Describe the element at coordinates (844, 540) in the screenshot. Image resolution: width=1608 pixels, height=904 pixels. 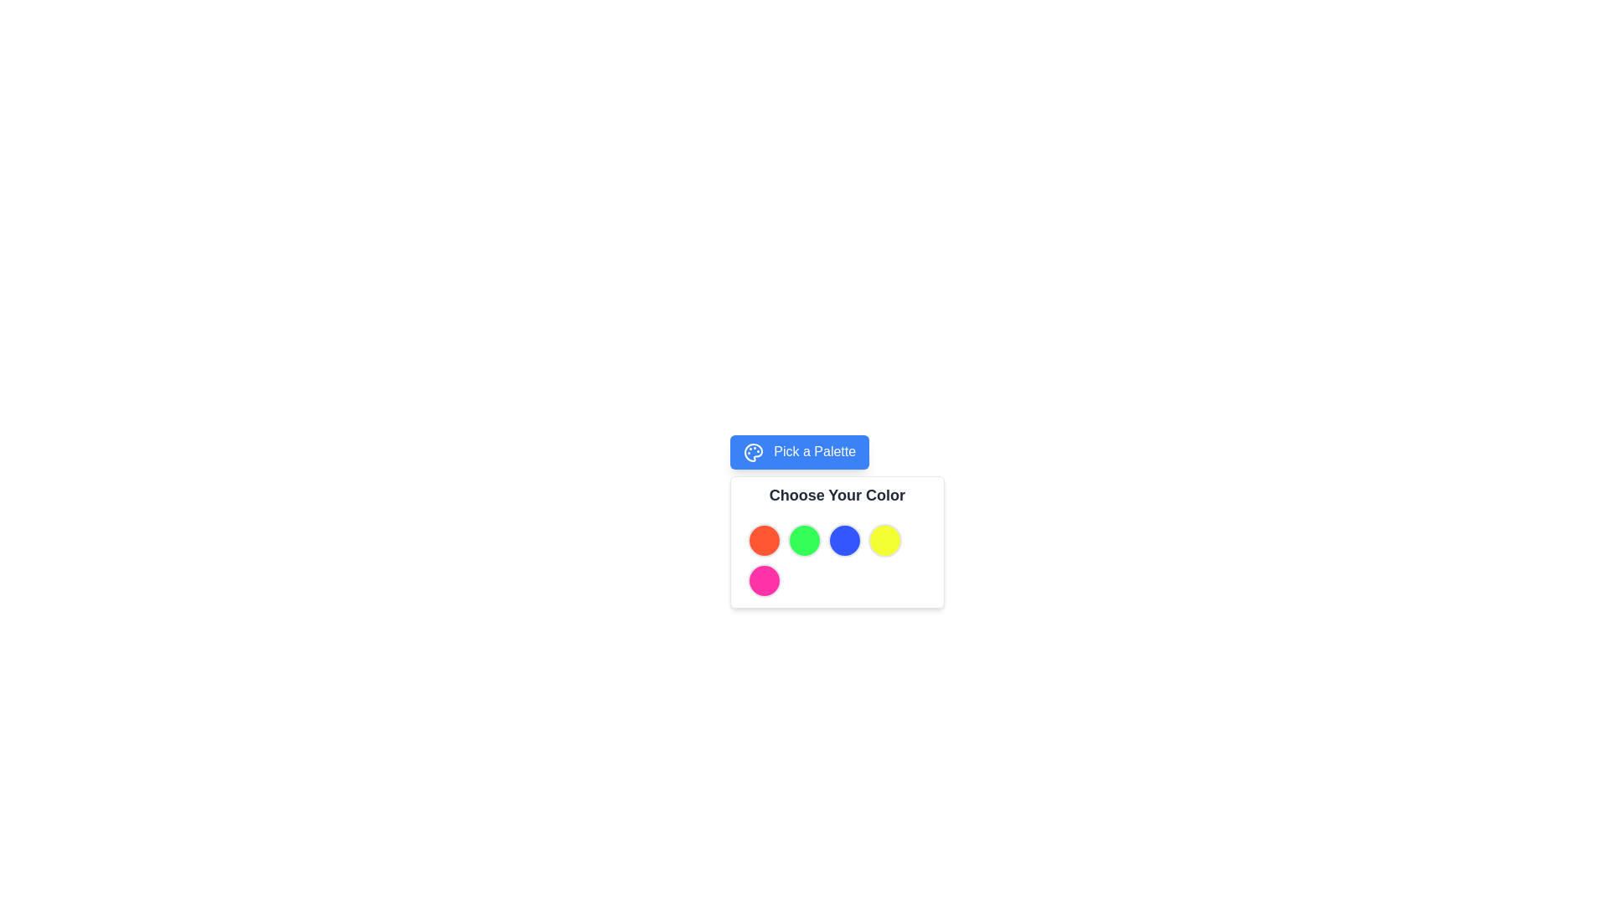
I see `the circular blue button located in the color palette selection interface` at that location.